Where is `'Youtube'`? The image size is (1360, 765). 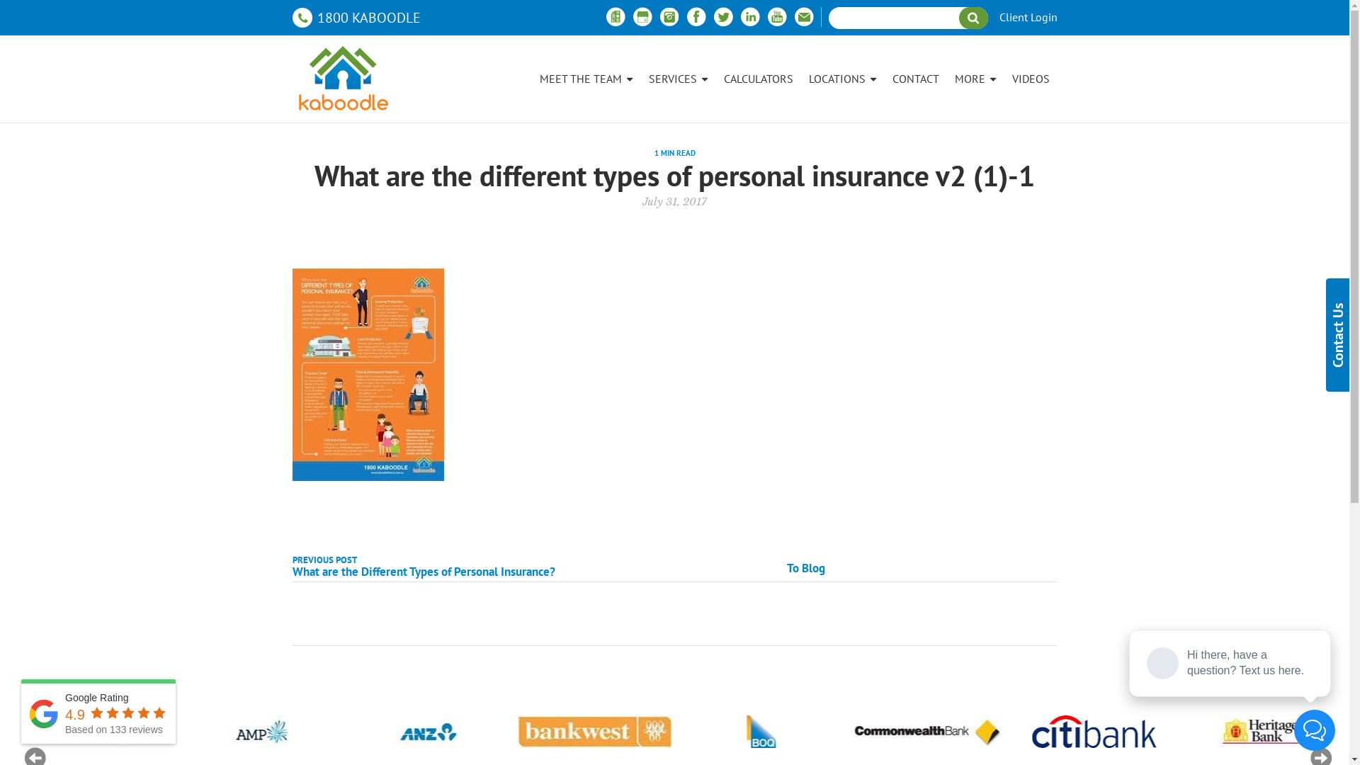 'Youtube' is located at coordinates (775, 16).